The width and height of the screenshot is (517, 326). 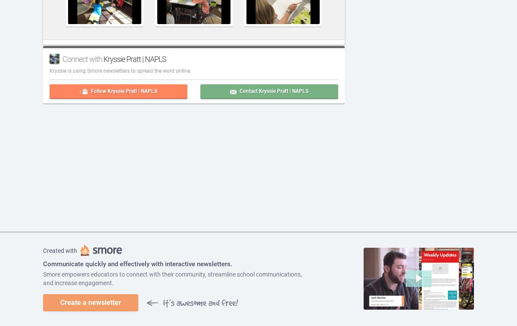 I want to click on 'Connect with', so click(x=82, y=58).